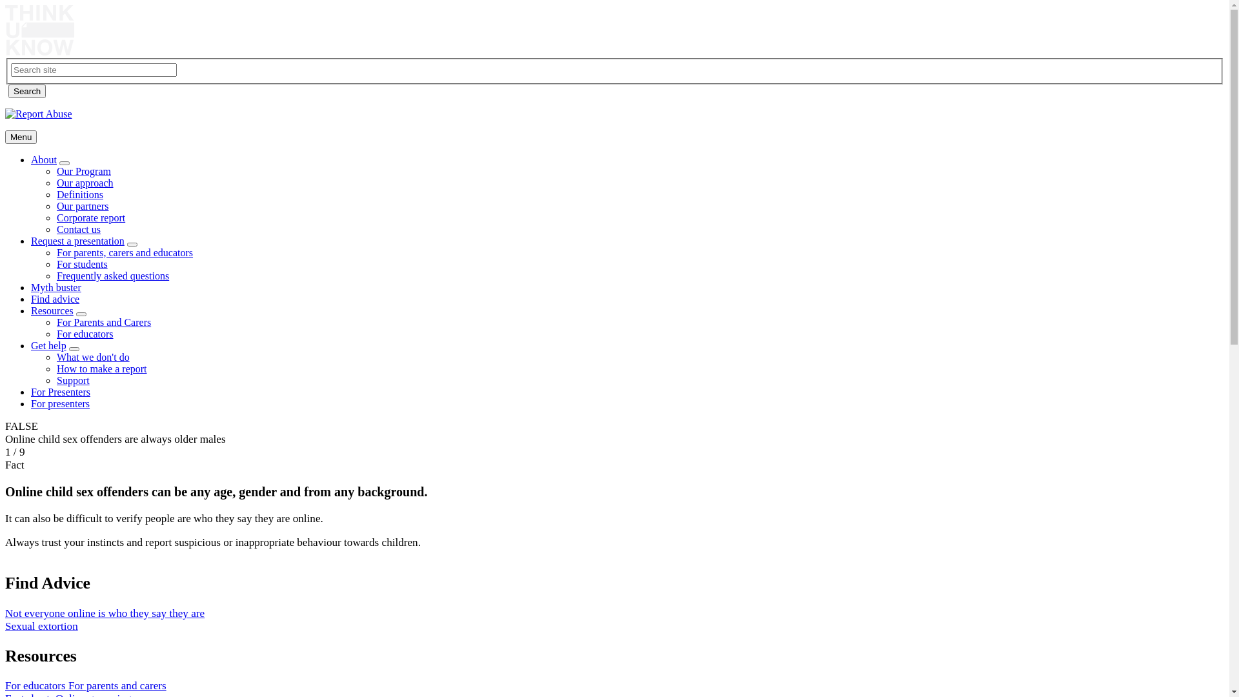  What do you see at coordinates (8, 90) in the screenshot?
I see `'Search'` at bounding box center [8, 90].